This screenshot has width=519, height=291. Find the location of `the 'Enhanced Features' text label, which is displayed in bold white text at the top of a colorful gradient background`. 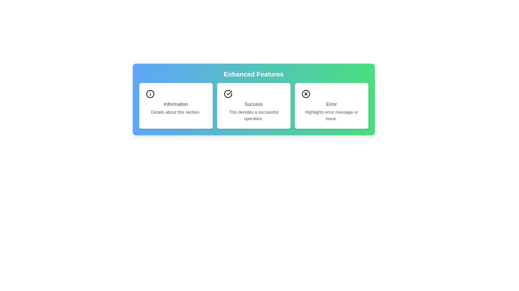

the 'Enhanced Features' text label, which is displayed in bold white text at the top of a colorful gradient background is located at coordinates (253, 74).